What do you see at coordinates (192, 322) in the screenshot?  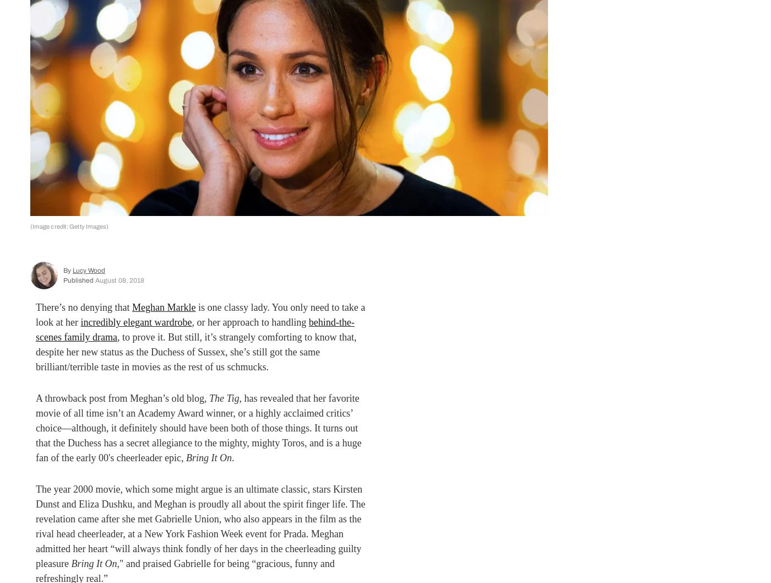 I see `', or her approach to handling'` at bounding box center [192, 322].